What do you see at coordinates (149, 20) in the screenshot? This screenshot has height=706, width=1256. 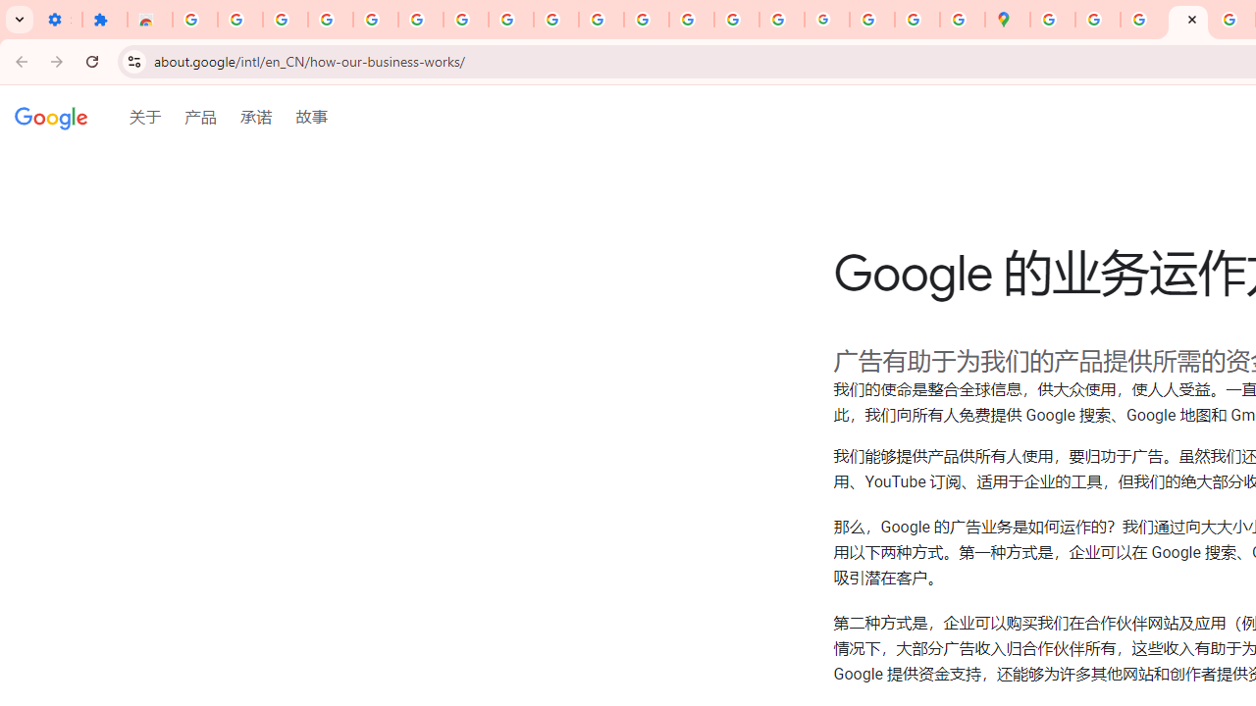 I see `'Reviews: Helix Fruit Jump Arcade Game'` at bounding box center [149, 20].